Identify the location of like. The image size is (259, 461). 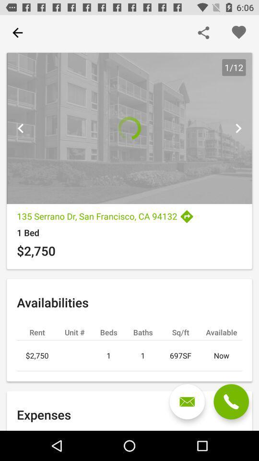
(238, 33).